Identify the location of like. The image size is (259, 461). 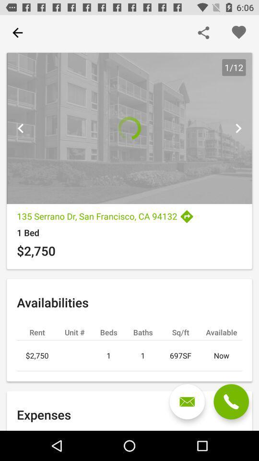
(238, 33).